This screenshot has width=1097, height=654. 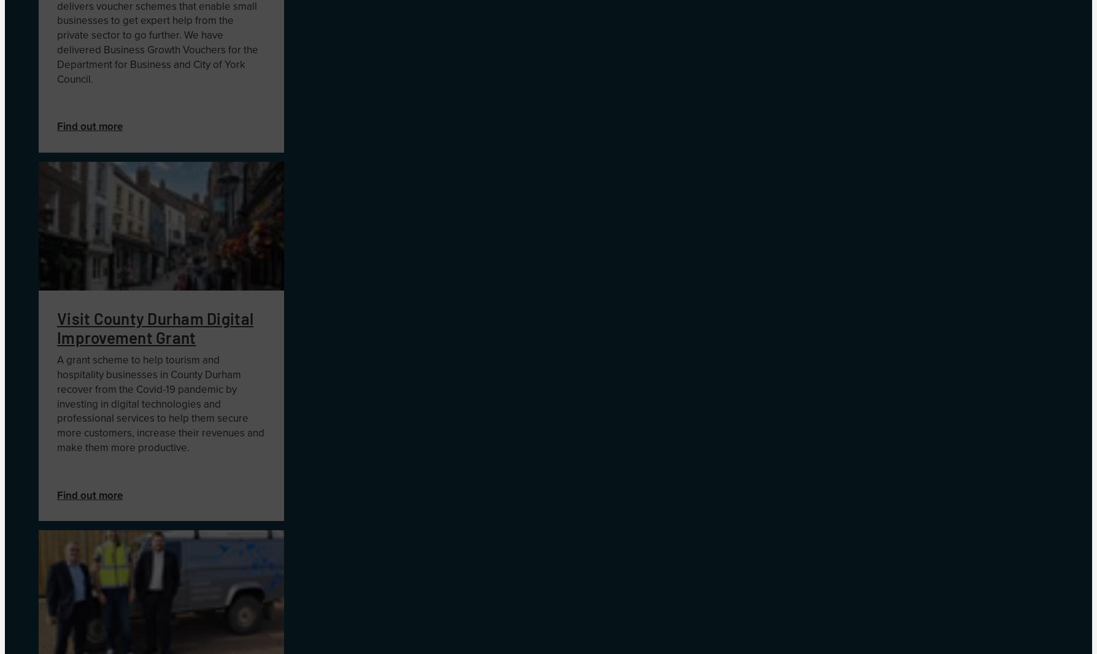 I want to click on 'pert help', so click(x=171, y=20).